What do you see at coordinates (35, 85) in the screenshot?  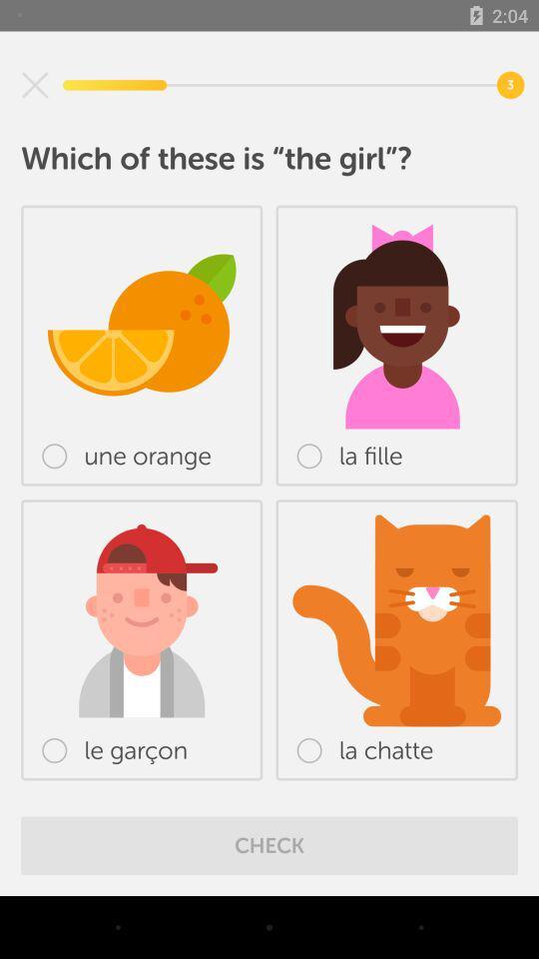 I see `icon at the top left corner` at bounding box center [35, 85].